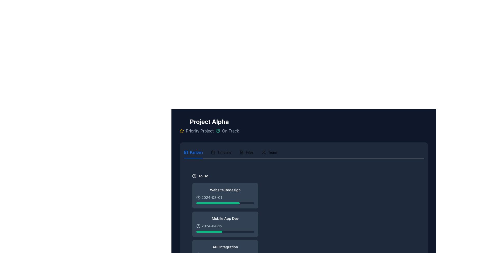 The image size is (498, 280). I want to click on the 'Priority Project' text label, which is styled in a medium-weight sans-serif font and located within a dark interface, positioned to the right of a star icon and to the left of a checkmark icon, so click(199, 131).